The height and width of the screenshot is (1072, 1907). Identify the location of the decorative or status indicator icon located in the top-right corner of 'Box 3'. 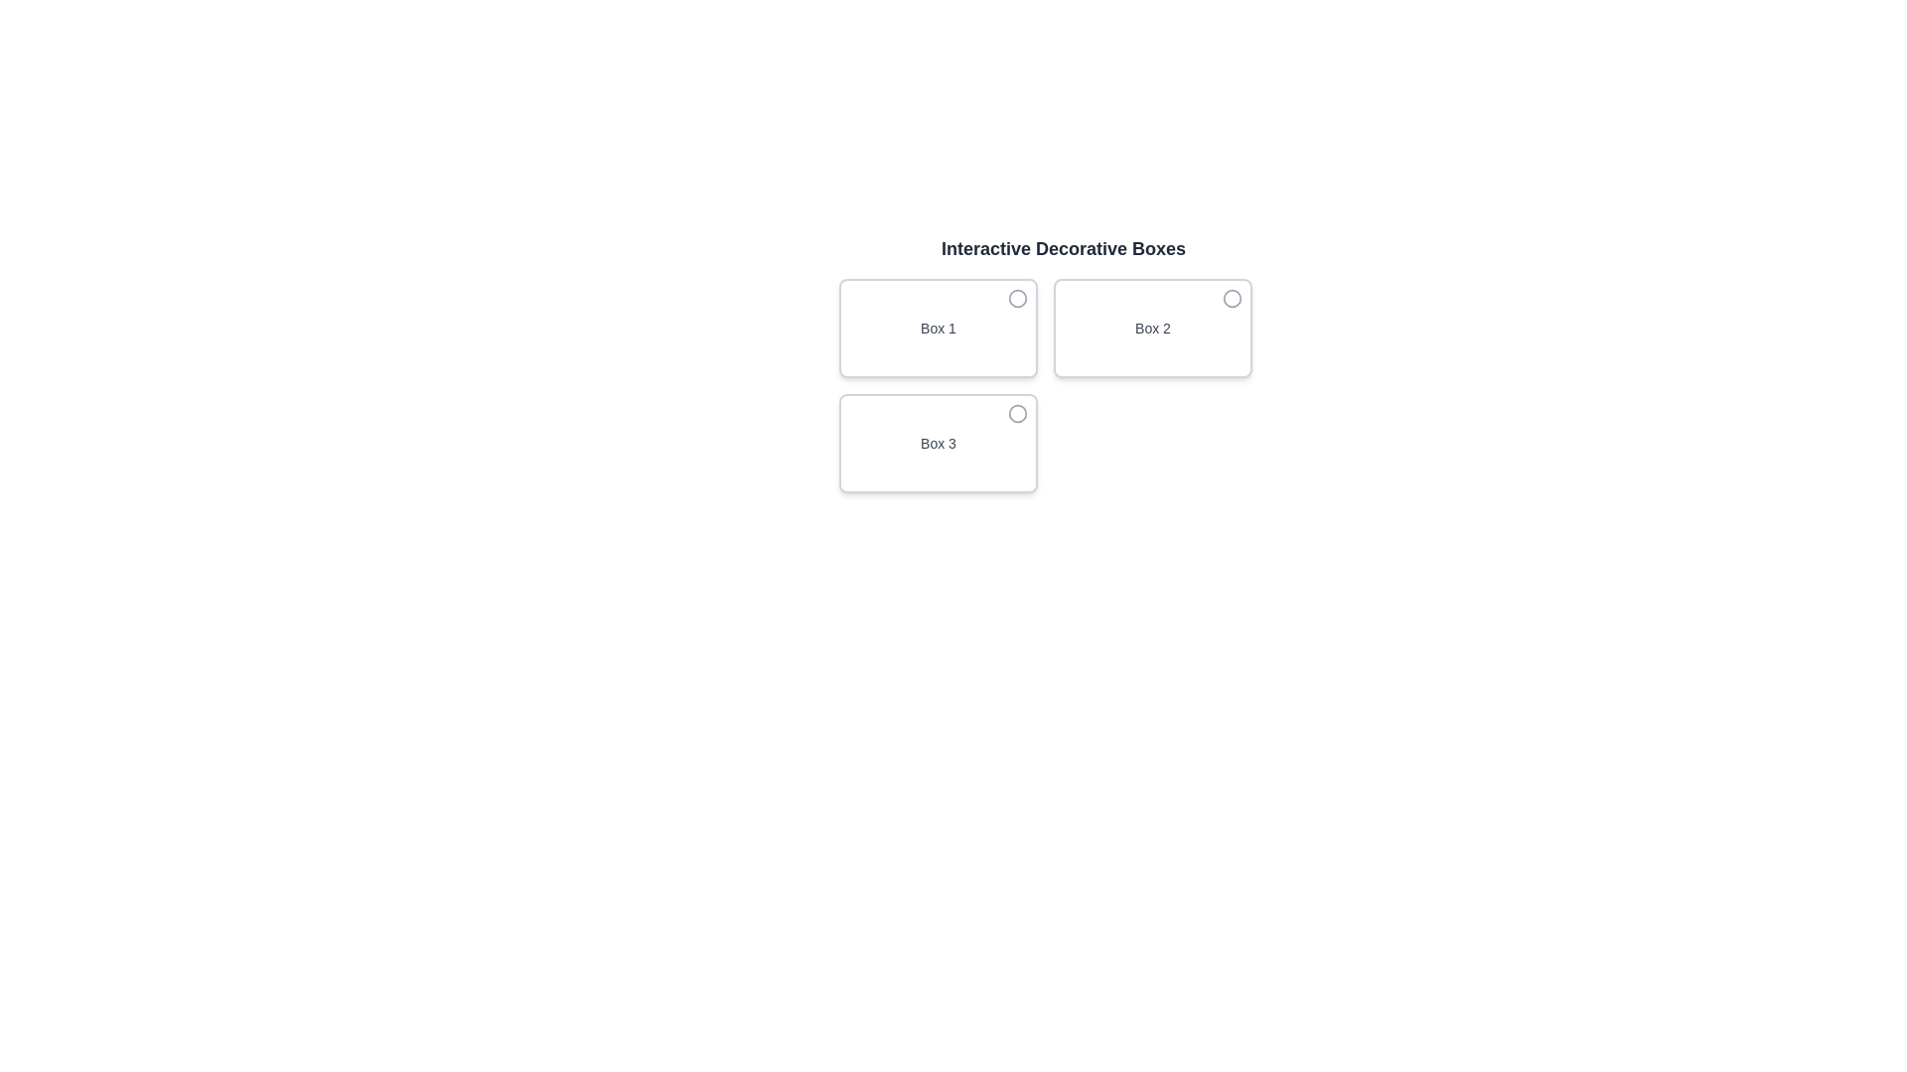
(1018, 412).